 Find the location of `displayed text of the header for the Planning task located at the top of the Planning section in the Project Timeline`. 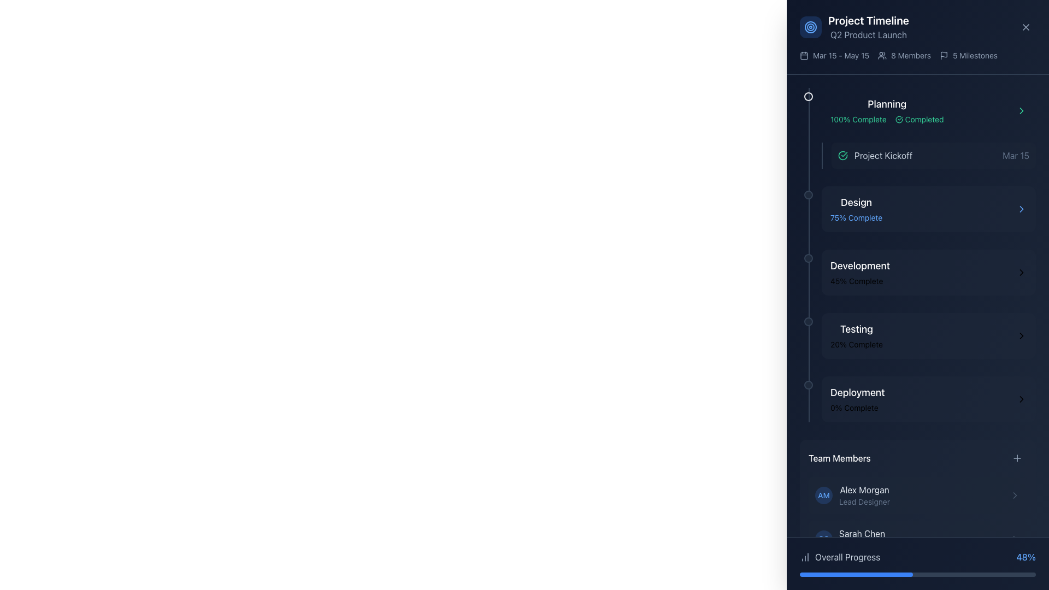

displayed text of the header for the Planning task located at the top of the Planning section in the Project Timeline is located at coordinates (887, 104).